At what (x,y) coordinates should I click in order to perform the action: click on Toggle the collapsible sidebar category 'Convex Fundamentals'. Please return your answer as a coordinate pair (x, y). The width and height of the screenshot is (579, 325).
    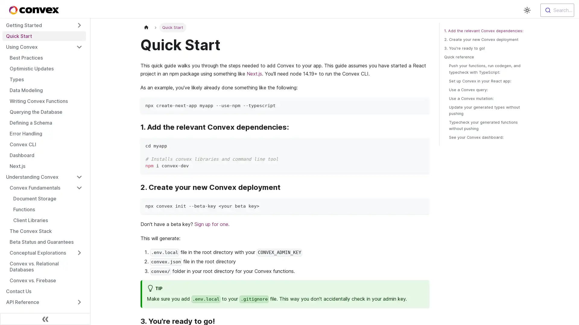
    Looking at the image, I should click on (79, 187).